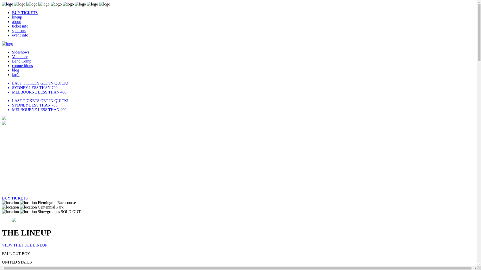 The width and height of the screenshot is (481, 270). I want to click on 'lineup', so click(17, 17).